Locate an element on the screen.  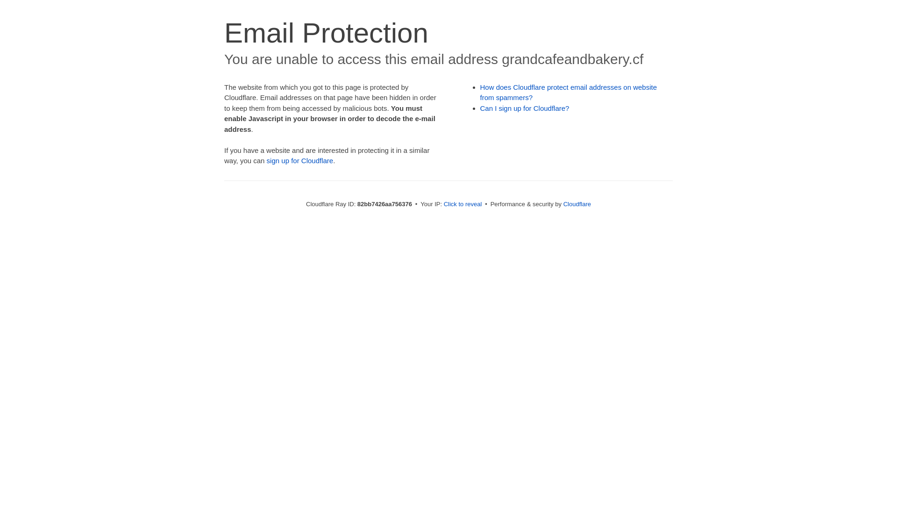
'sign up for Cloudflare' is located at coordinates (300, 160).